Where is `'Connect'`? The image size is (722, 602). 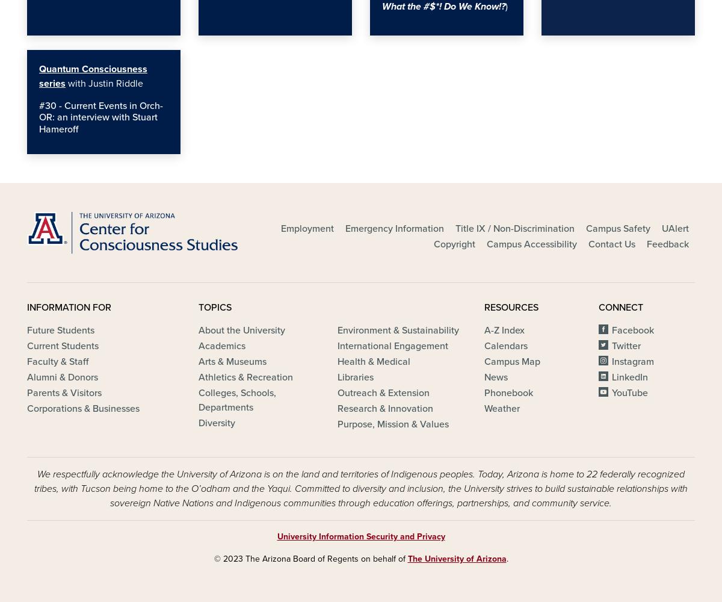 'Connect' is located at coordinates (621, 307).